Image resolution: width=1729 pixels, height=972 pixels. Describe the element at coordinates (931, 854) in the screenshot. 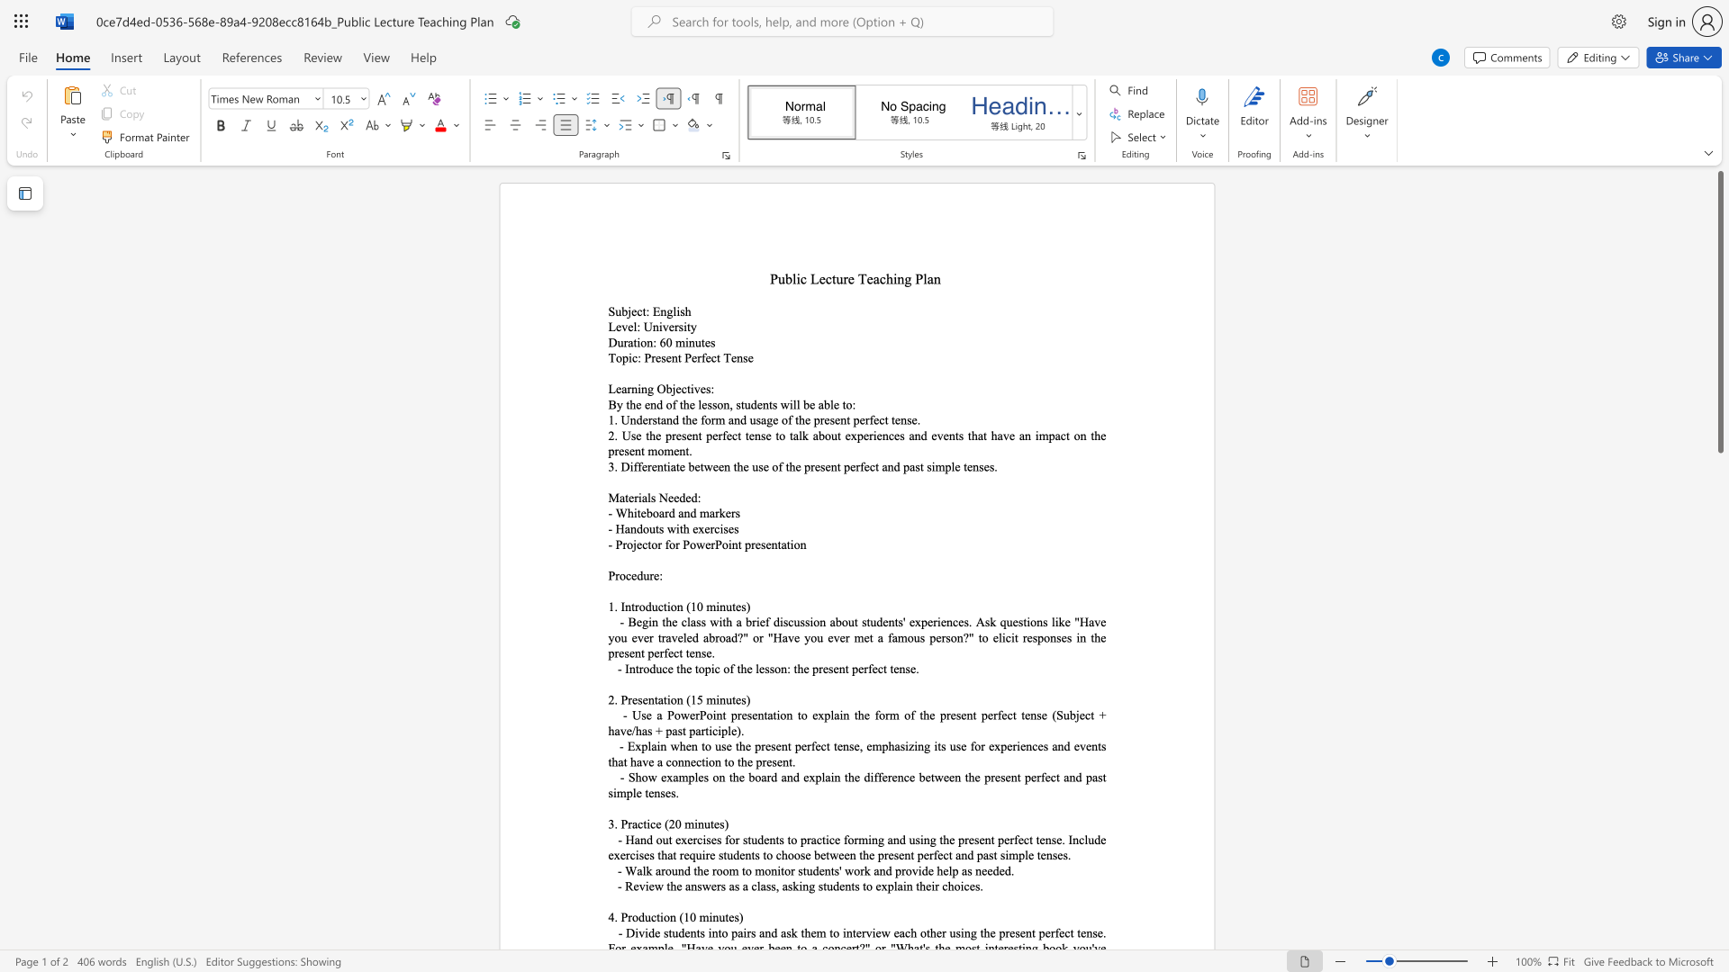

I see `the 11th character "r" in the text` at that location.